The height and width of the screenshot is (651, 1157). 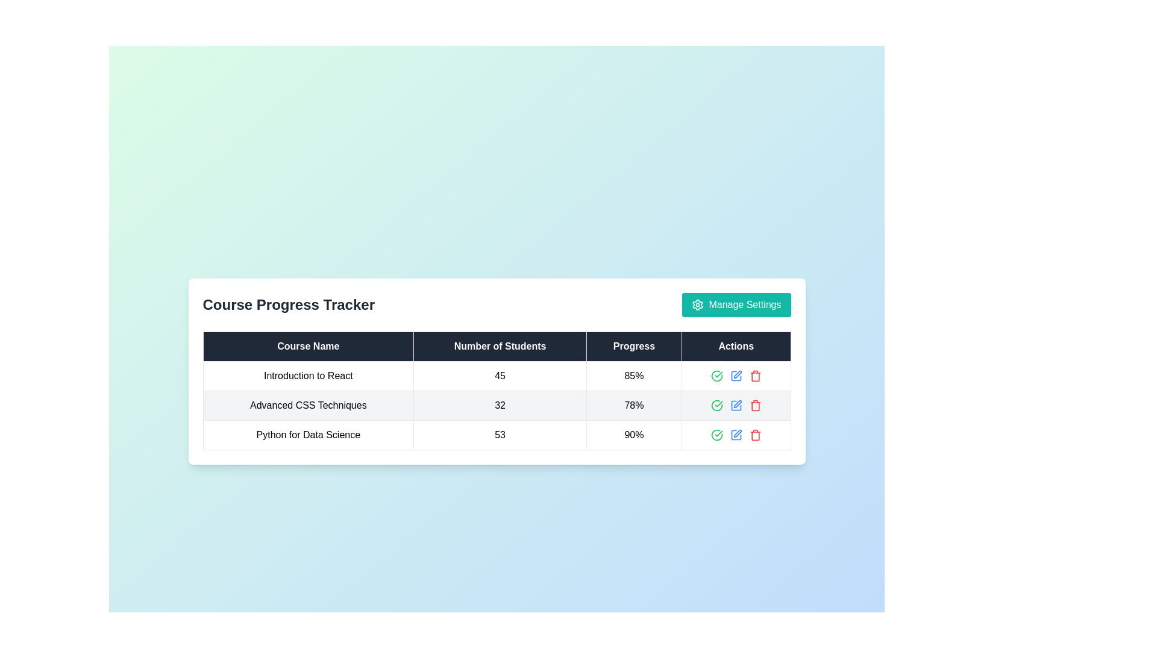 What do you see at coordinates (308, 375) in the screenshot?
I see `the static text label representing the course name in the first row of the 'Course Progress Tracker' table` at bounding box center [308, 375].